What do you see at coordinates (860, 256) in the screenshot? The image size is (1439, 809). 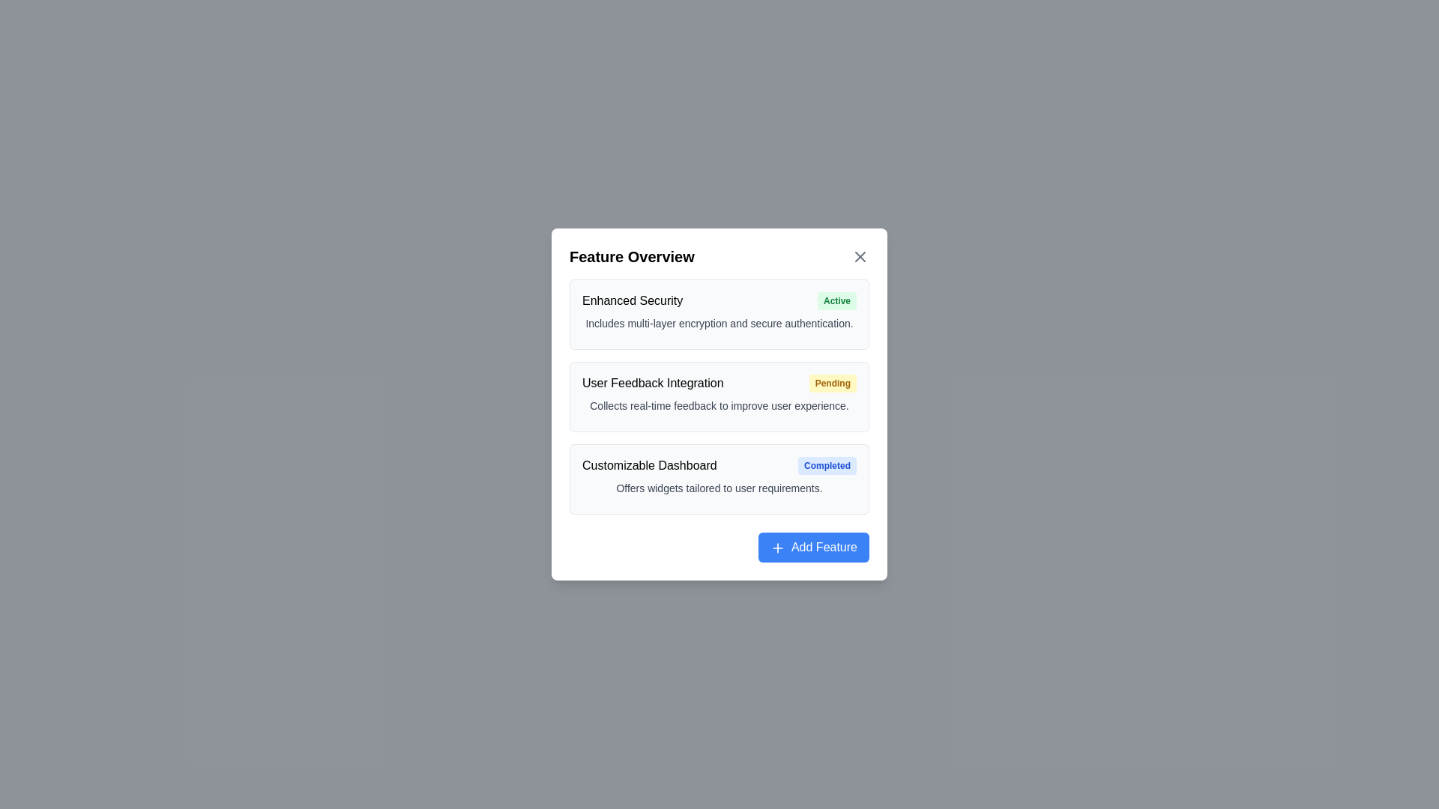 I see `the 'X' icon button located at the top-right corner of the modal window, next to the 'Feature Overview' title` at bounding box center [860, 256].